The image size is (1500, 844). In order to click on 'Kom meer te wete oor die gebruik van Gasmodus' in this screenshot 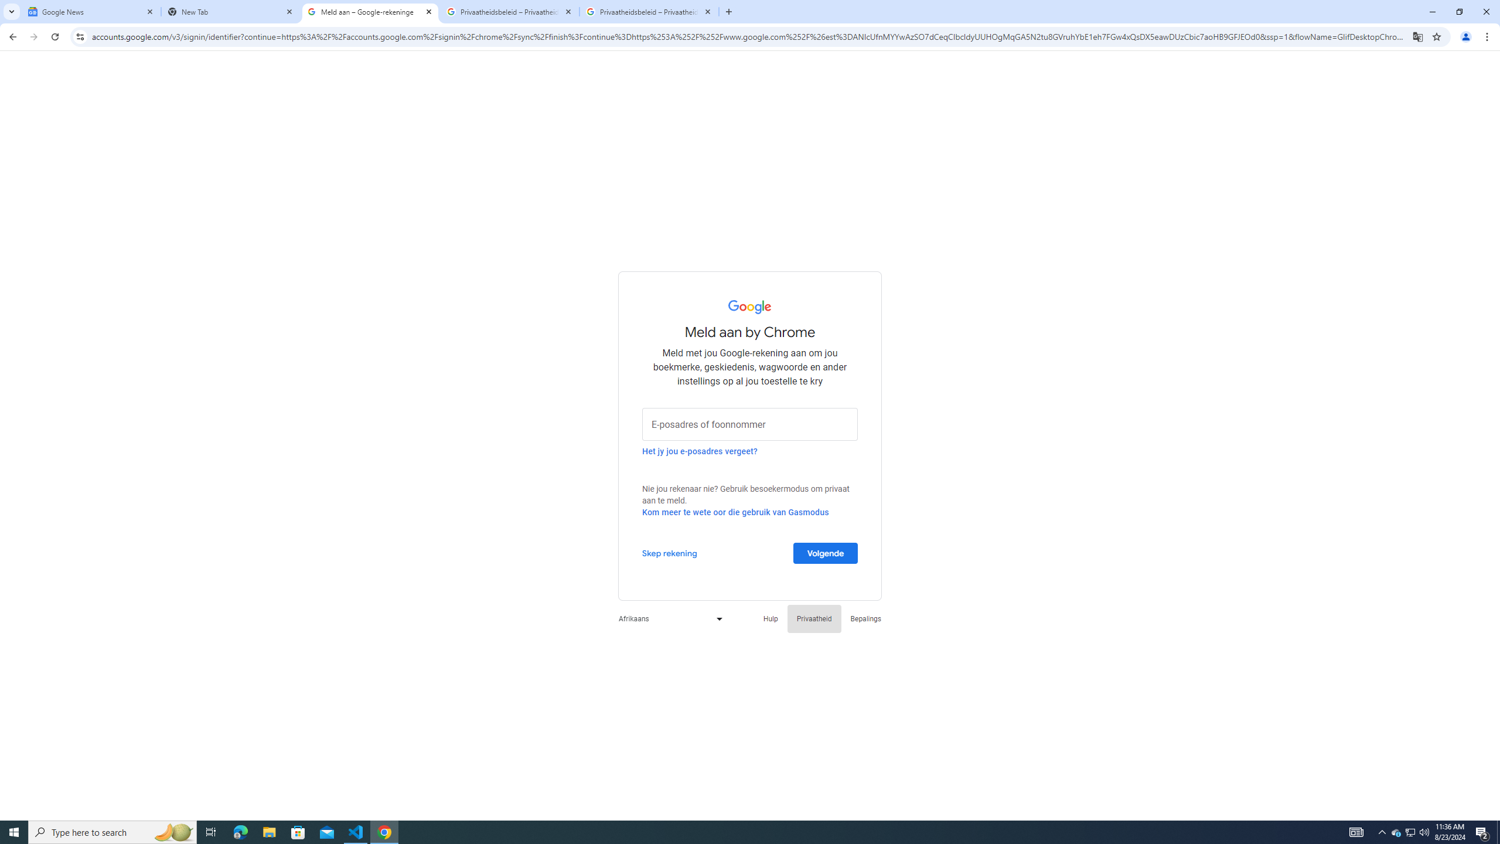, I will do `click(735, 512)`.